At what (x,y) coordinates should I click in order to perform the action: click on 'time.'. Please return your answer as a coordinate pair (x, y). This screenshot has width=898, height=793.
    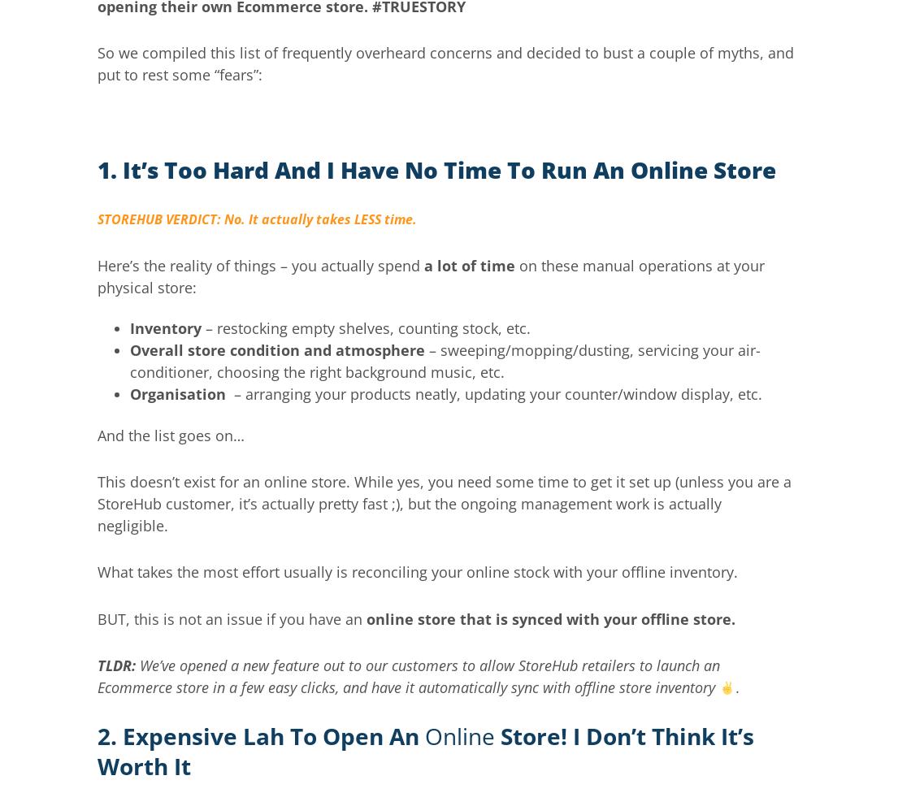
    Looking at the image, I should click on (380, 218).